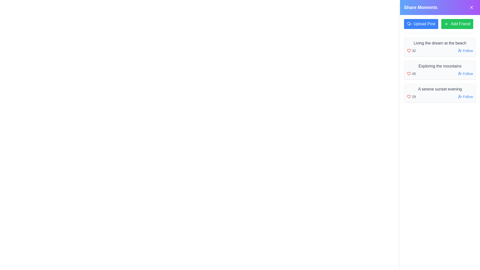 The width and height of the screenshot is (480, 270). Describe the element at coordinates (465, 51) in the screenshot. I see `the blue 'Follow' button located in the right sidebar under the 'Living the dream at the beach' post` at that location.